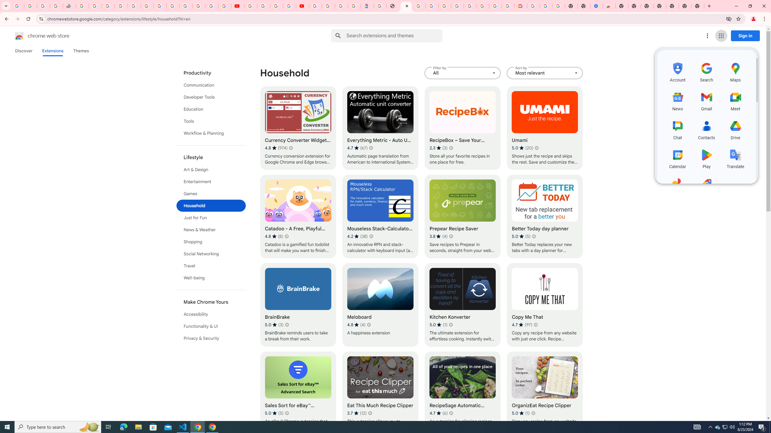 This screenshot has width=771, height=433. I want to click on 'Average rating 4.7 out of 5 stars. 6 ratings.', so click(438, 413).